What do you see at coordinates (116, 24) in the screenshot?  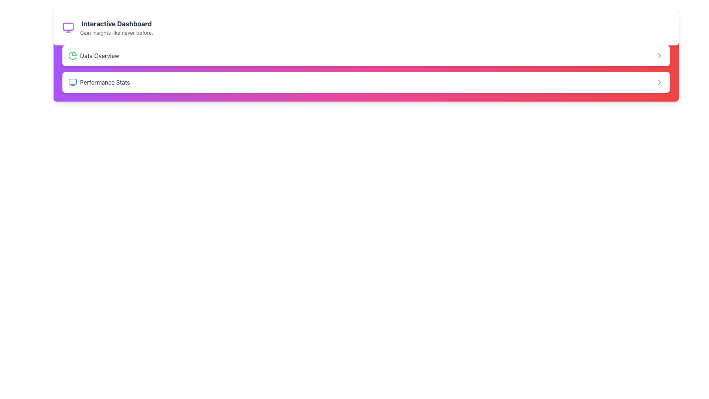 I see `the 'Interactive Dashboard' Text Display element` at bounding box center [116, 24].